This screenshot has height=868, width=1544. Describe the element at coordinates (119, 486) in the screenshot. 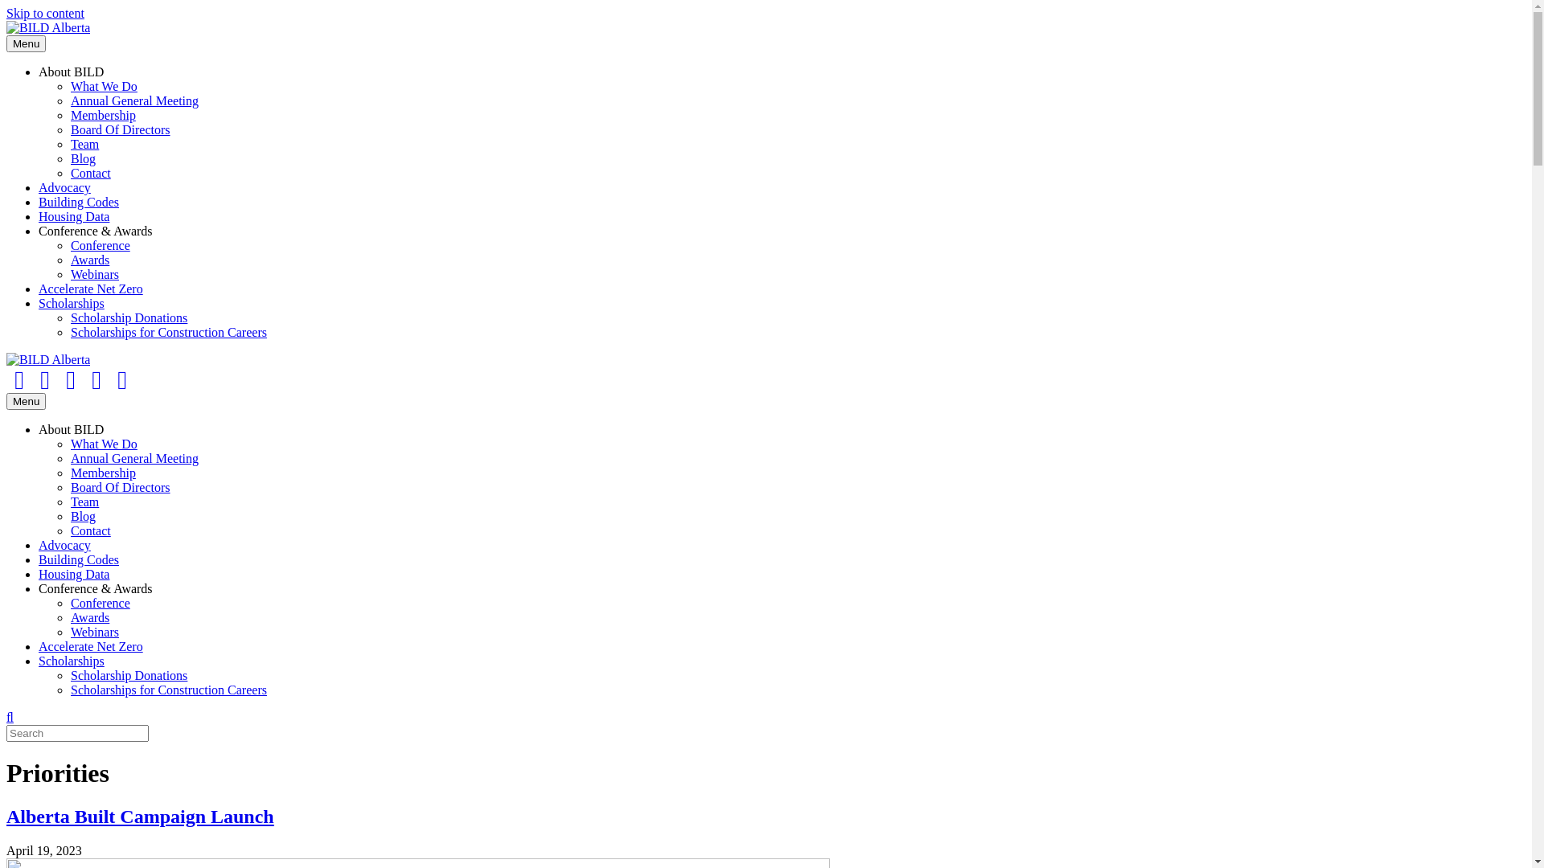

I see `'Board Of Directors'` at that location.